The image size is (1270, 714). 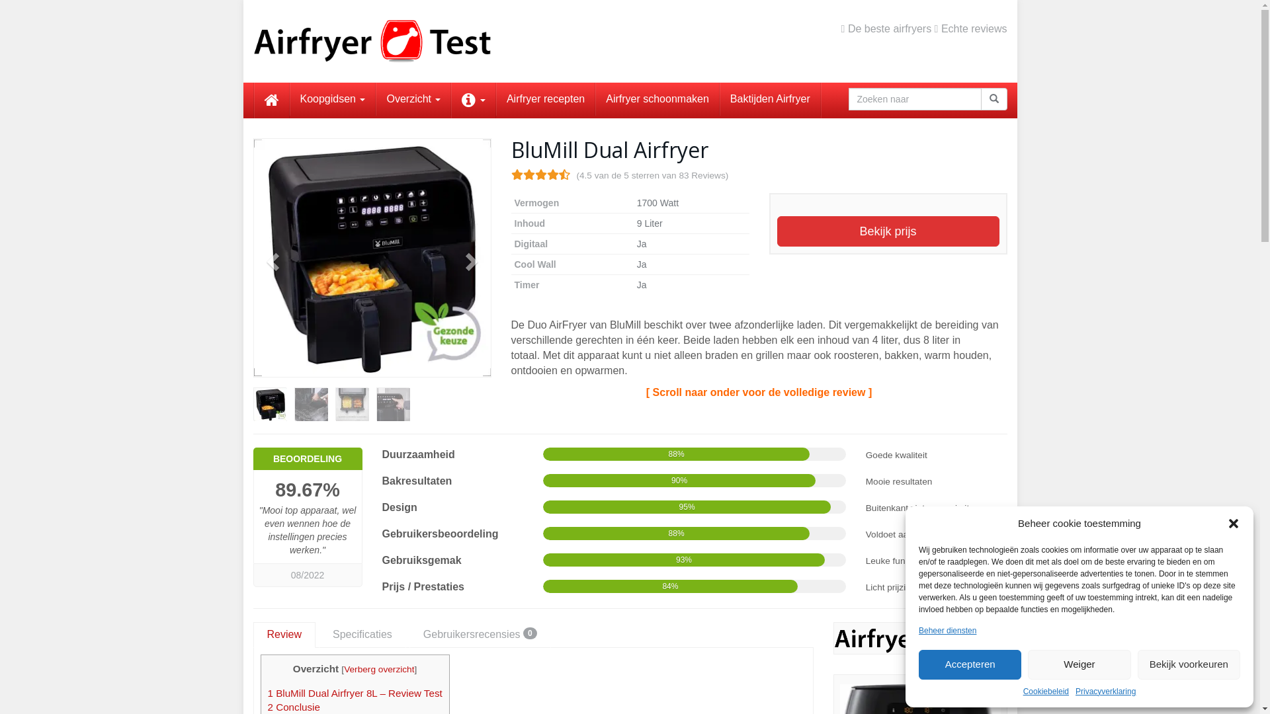 What do you see at coordinates (292, 706) in the screenshot?
I see `'2 Conclusie'` at bounding box center [292, 706].